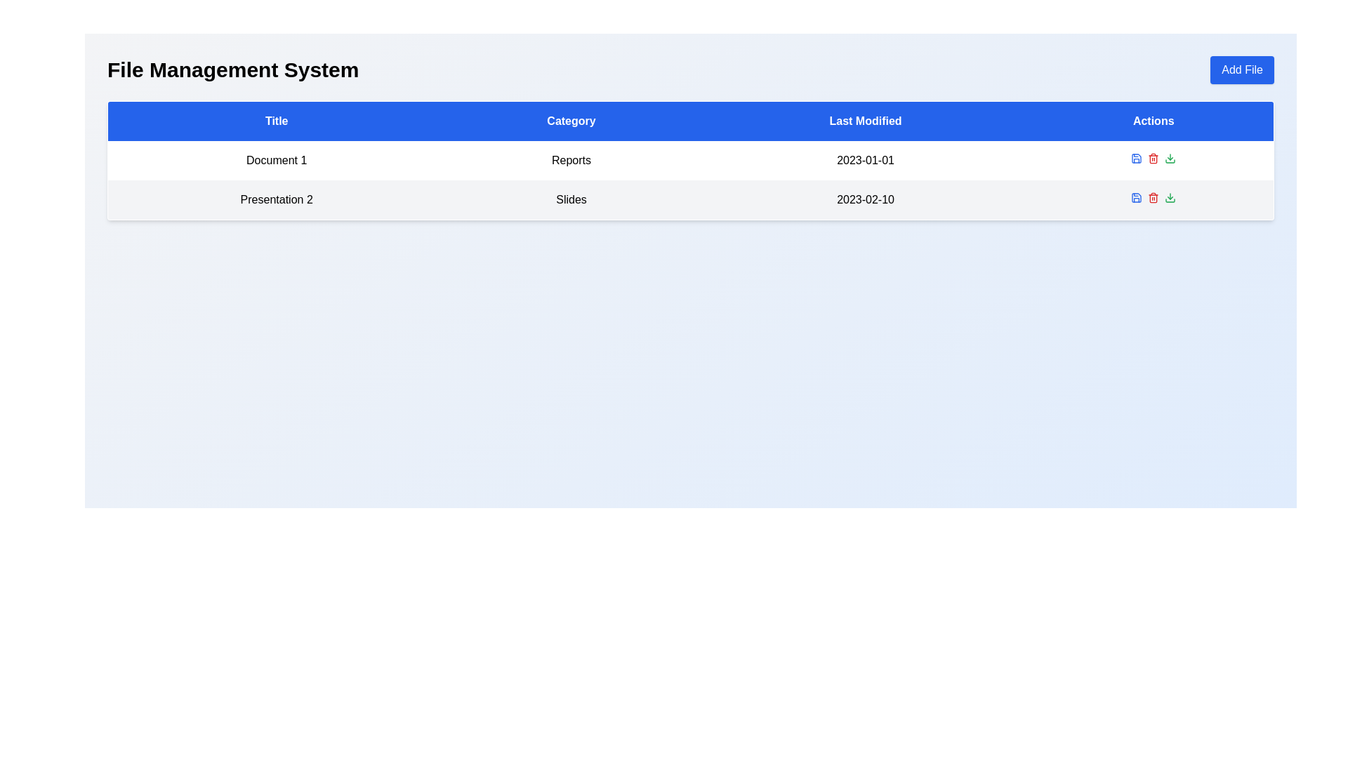 The image size is (1348, 758). I want to click on the static text label 'Title' in the header row of the table, which has a blue background and white text, positioned as the first element on the far left, so click(276, 120).